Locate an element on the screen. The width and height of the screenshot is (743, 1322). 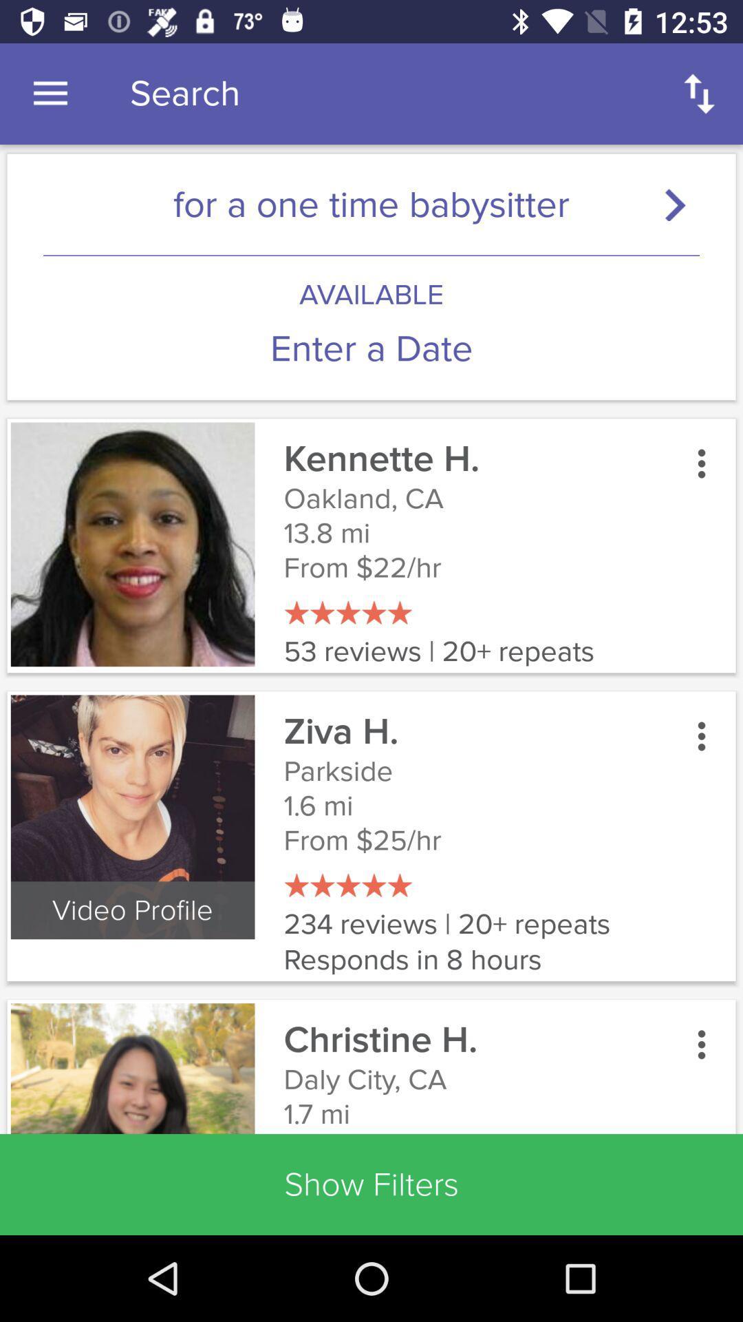
enter a date icon is located at coordinates (371, 349).